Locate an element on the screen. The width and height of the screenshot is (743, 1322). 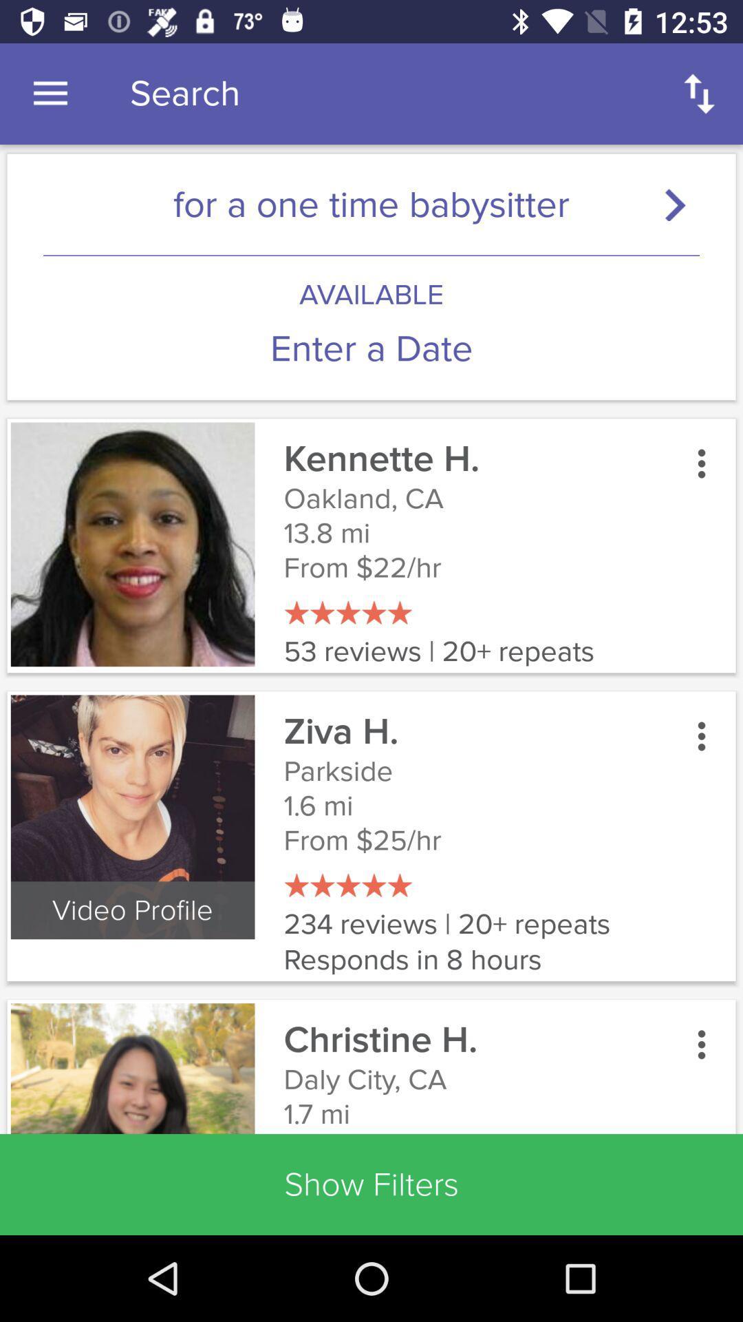
enter a date icon is located at coordinates (371, 349).